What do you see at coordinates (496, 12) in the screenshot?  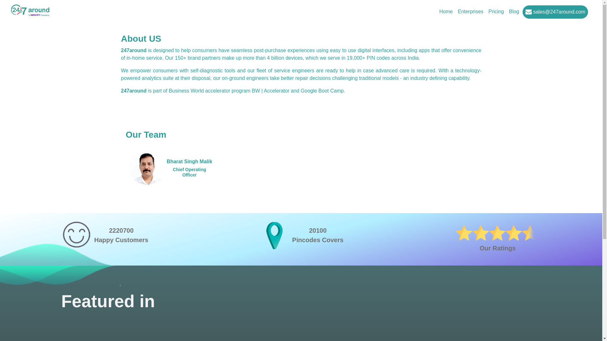 I see `'Pricing'` at bounding box center [496, 12].